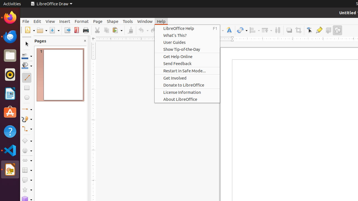  What do you see at coordinates (84, 40) in the screenshot?
I see `'Close Pane'` at bounding box center [84, 40].